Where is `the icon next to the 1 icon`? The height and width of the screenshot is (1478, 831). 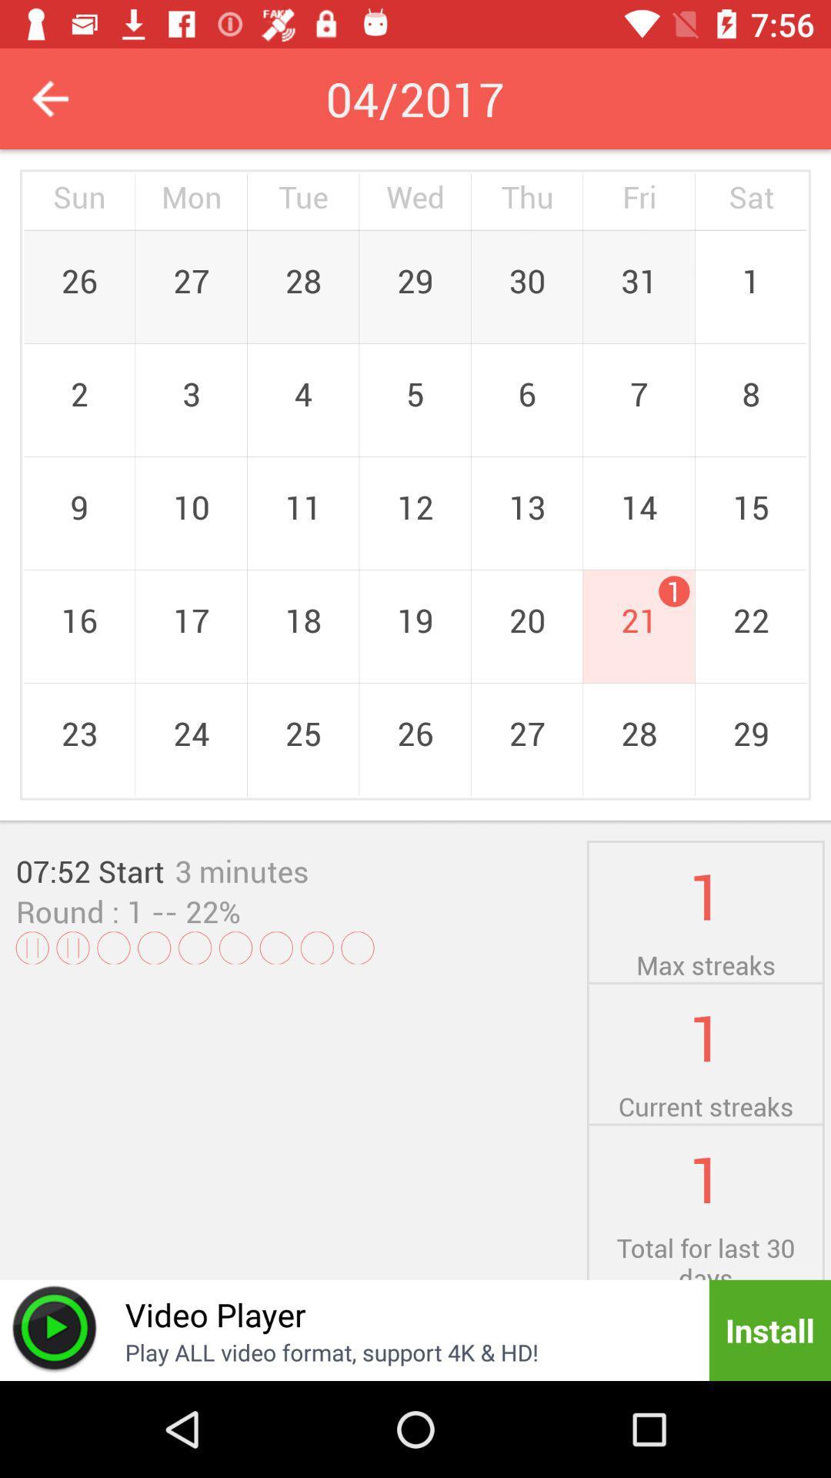 the icon next to the 1 icon is located at coordinates (242, 871).